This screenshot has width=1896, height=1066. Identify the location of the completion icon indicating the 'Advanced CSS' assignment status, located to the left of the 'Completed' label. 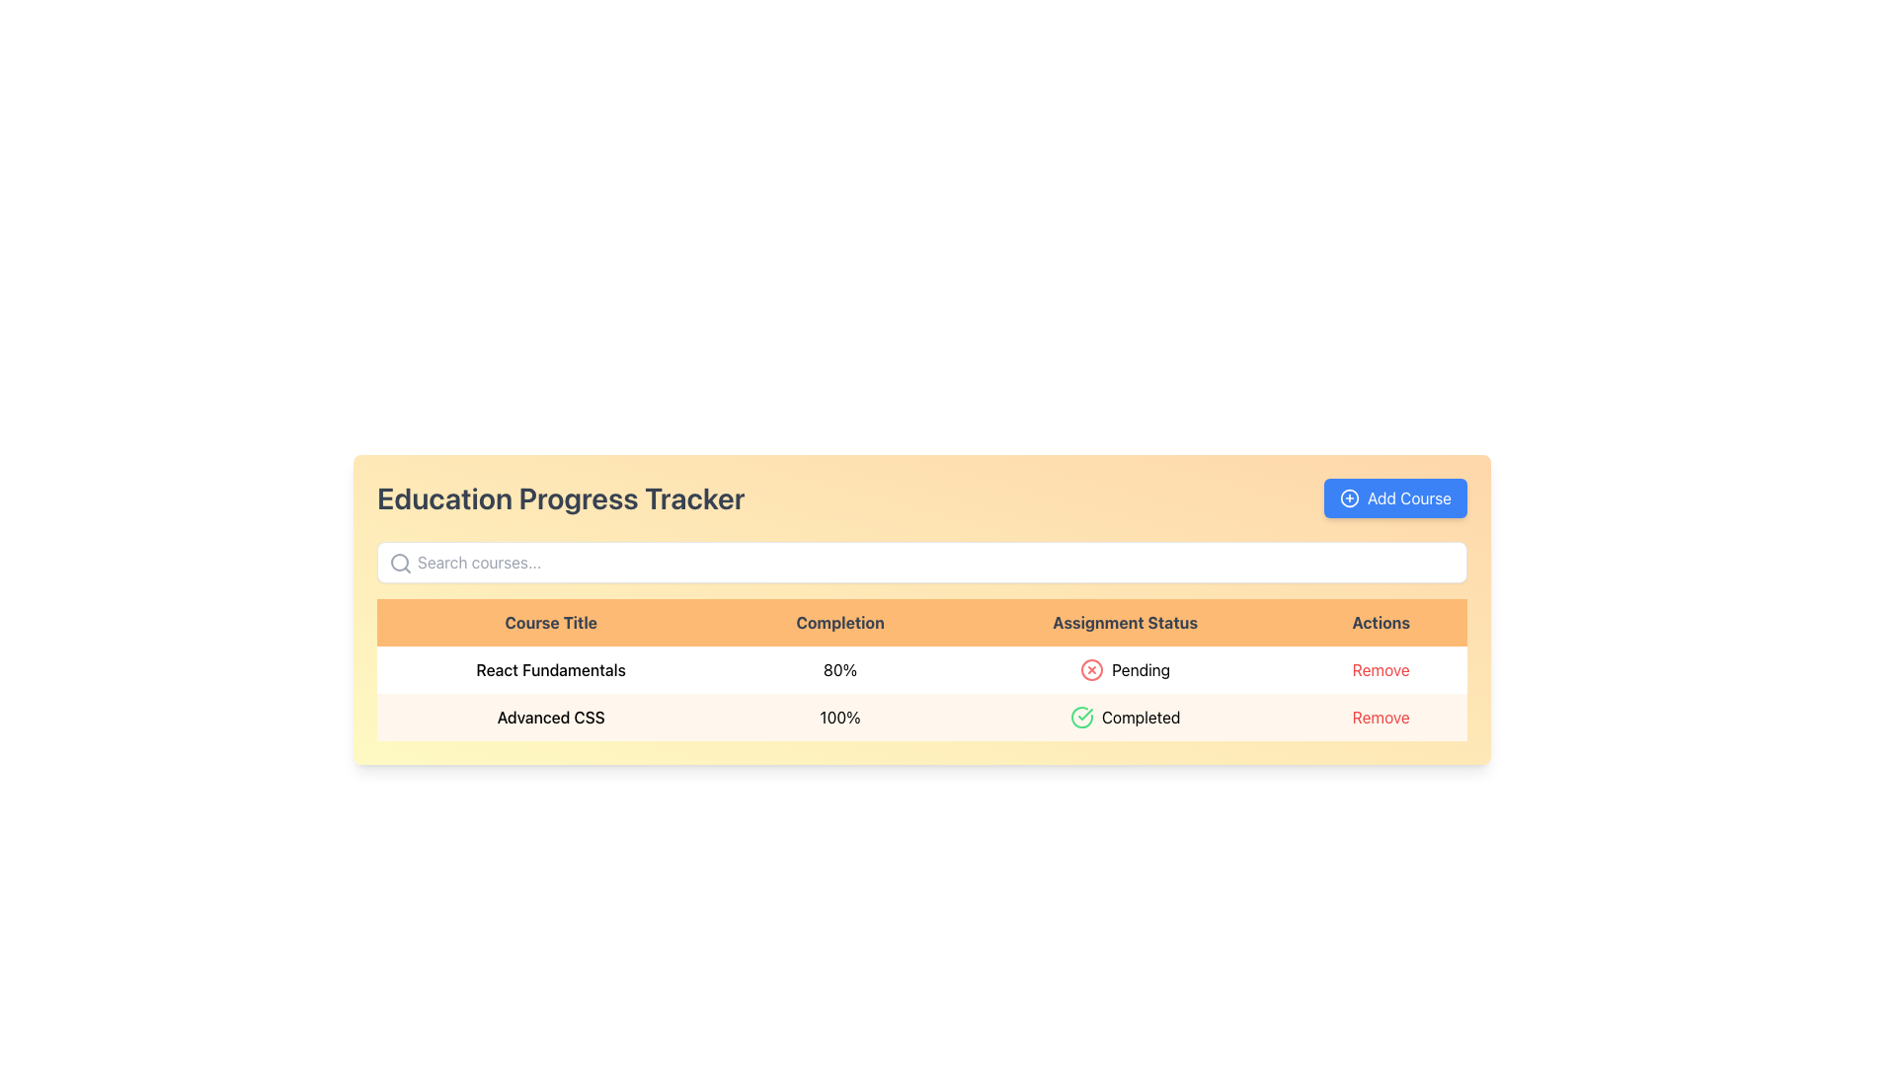
(1080, 717).